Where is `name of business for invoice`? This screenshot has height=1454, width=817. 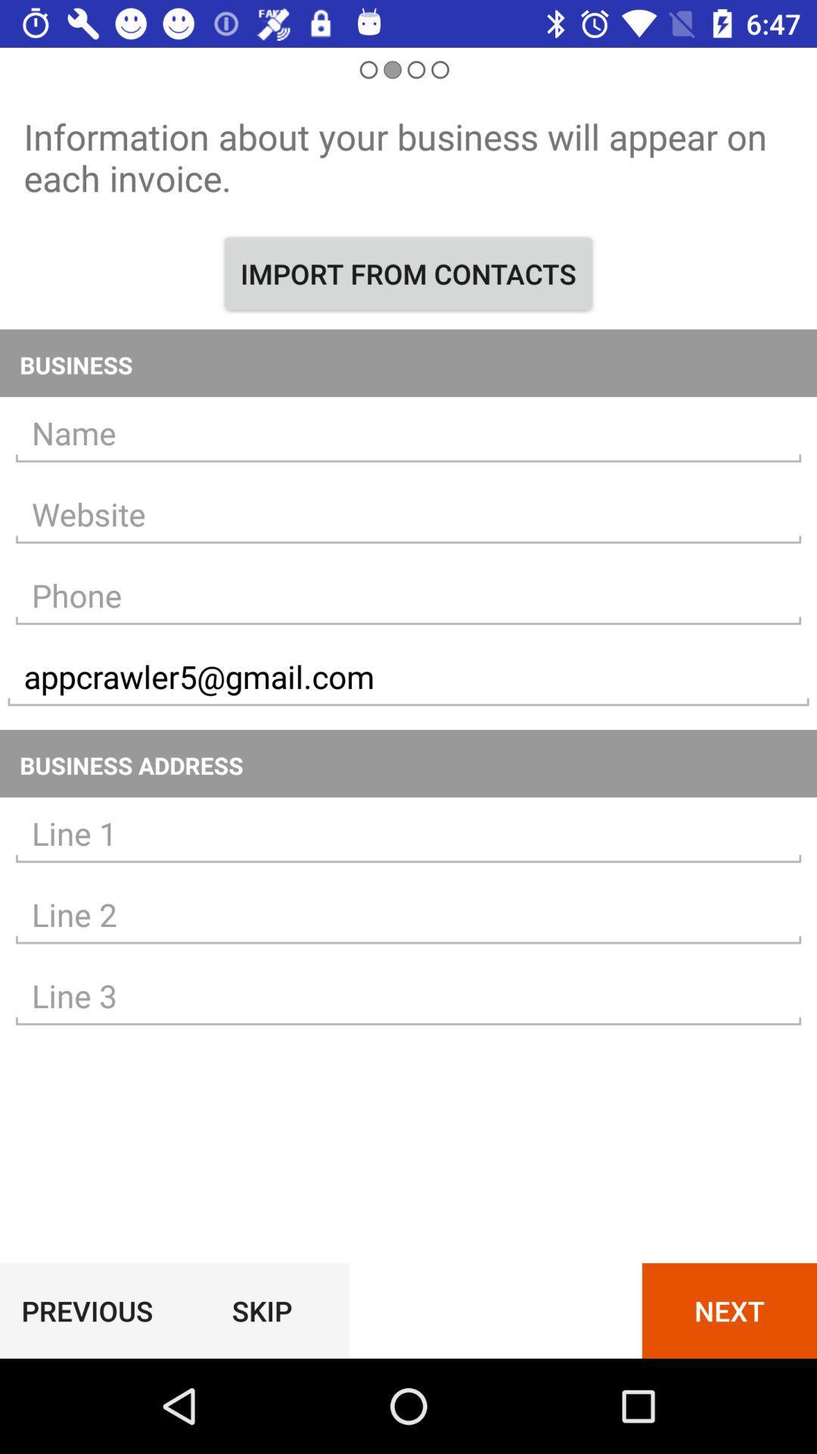 name of business for invoice is located at coordinates (408, 432).